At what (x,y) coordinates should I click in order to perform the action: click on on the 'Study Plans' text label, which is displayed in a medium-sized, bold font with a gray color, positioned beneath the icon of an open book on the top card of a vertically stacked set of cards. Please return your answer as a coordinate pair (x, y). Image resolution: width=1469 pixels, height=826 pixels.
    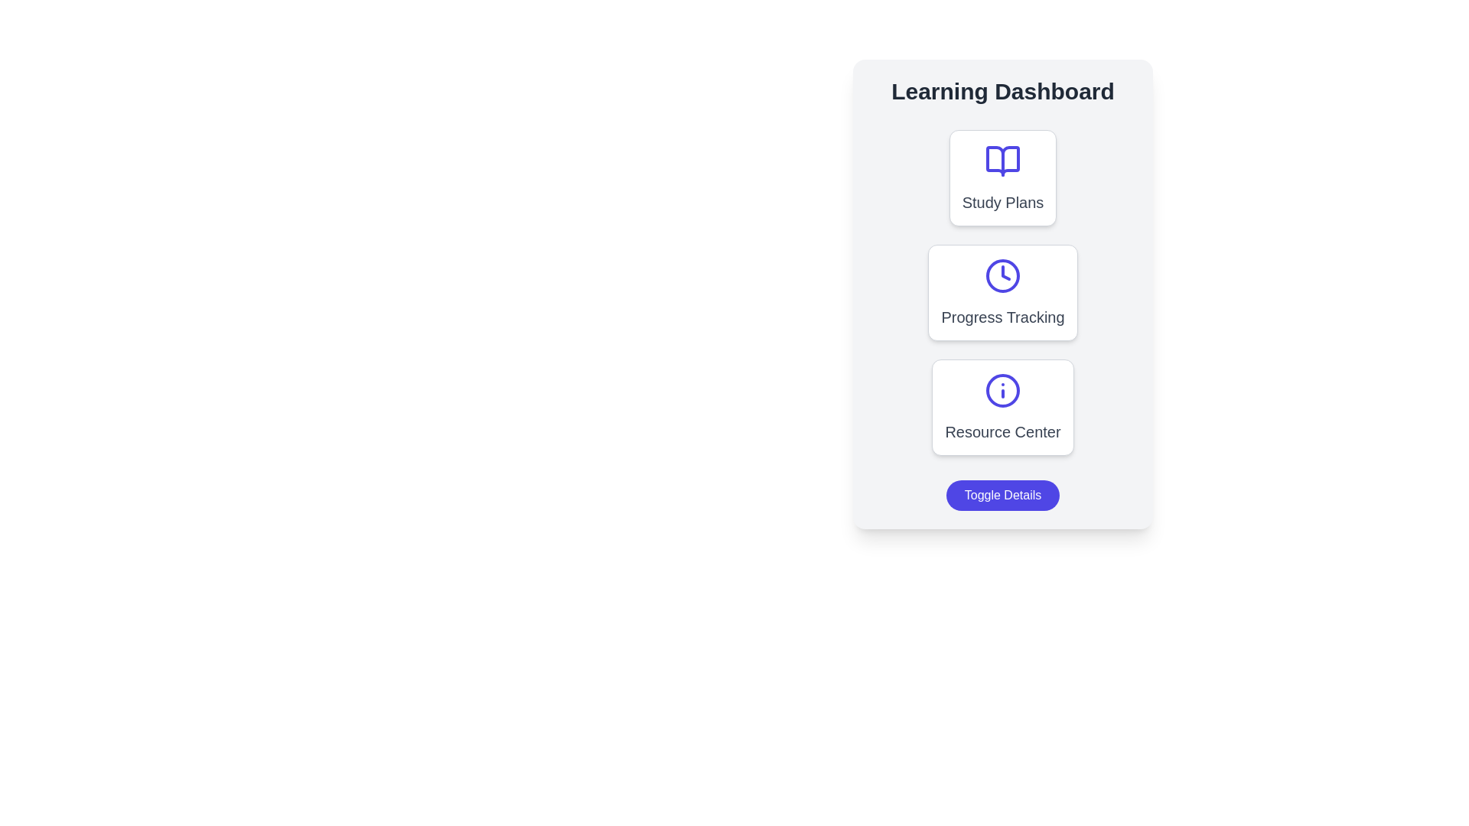
    Looking at the image, I should click on (1002, 202).